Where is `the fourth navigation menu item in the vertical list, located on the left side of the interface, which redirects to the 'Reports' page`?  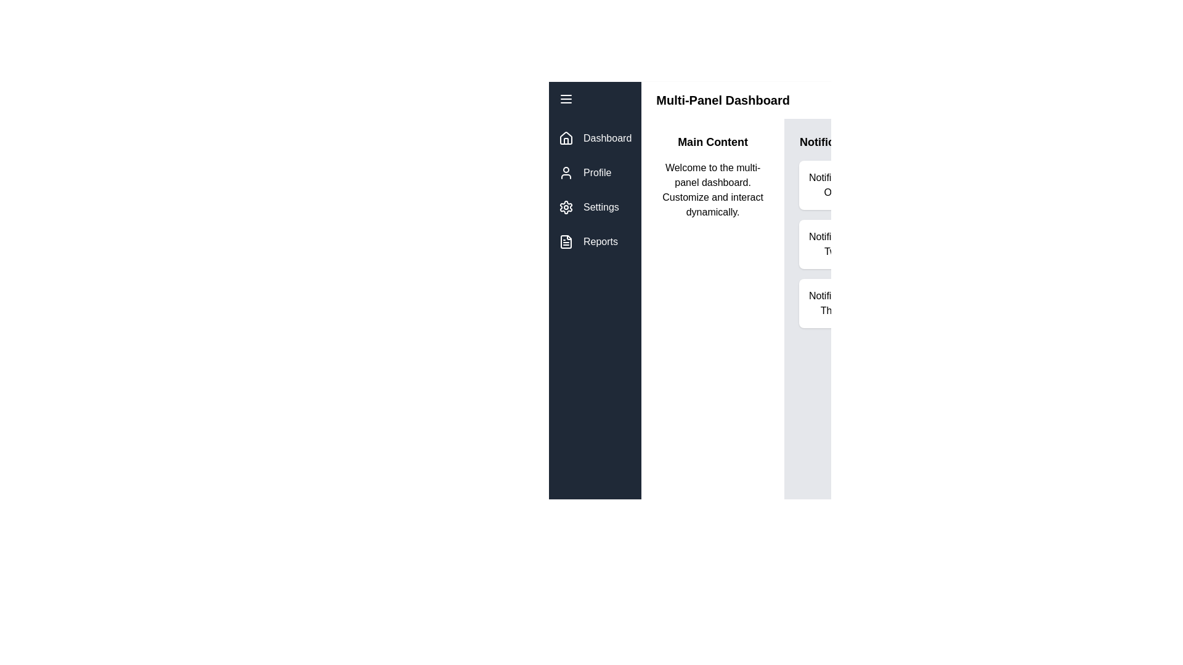 the fourth navigation menu item in the vertical list, located on the left side of the interface, which redirects to the 'Reports' page is located at coordinates (595, 242).